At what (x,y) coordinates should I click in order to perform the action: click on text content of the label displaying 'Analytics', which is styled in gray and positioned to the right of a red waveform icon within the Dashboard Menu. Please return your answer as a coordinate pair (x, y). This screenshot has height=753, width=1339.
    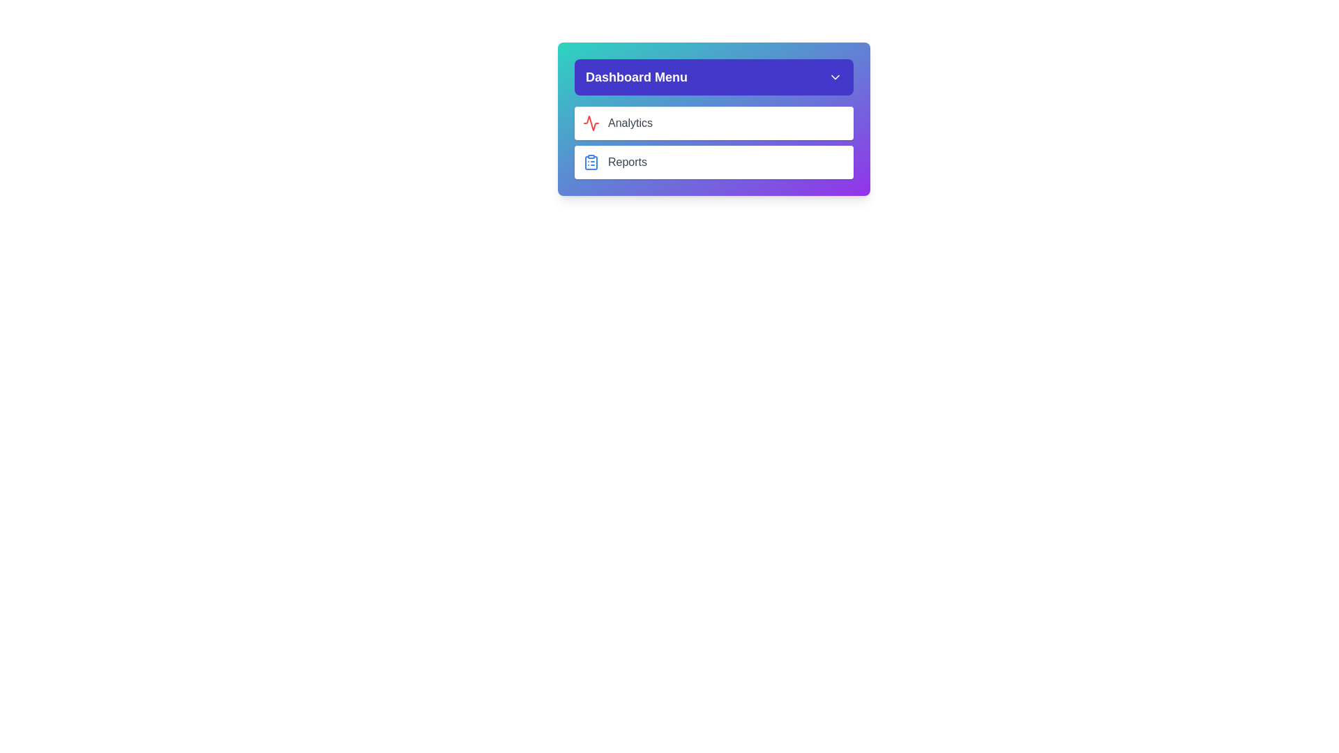
    Looking at the image, I should click on (629, 123).